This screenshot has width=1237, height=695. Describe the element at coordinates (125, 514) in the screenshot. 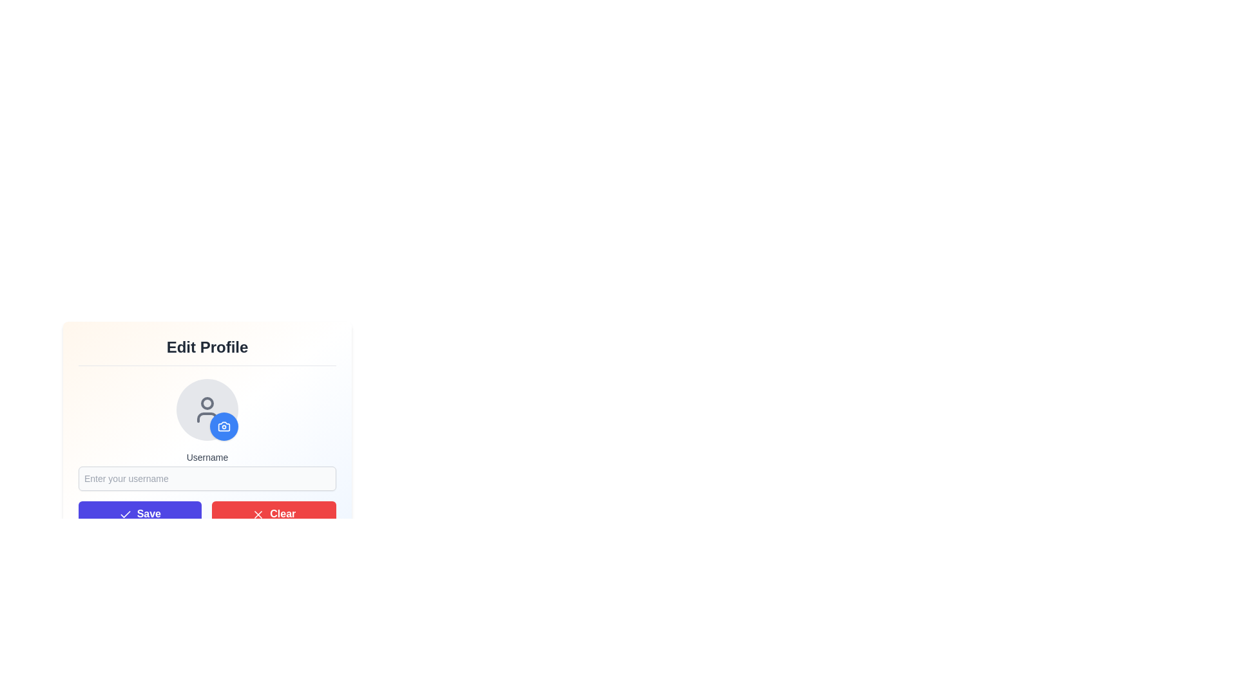

I see `the check icon, which is a small stylized tick mark positioned to the left of the 'Save' button text` at that location.